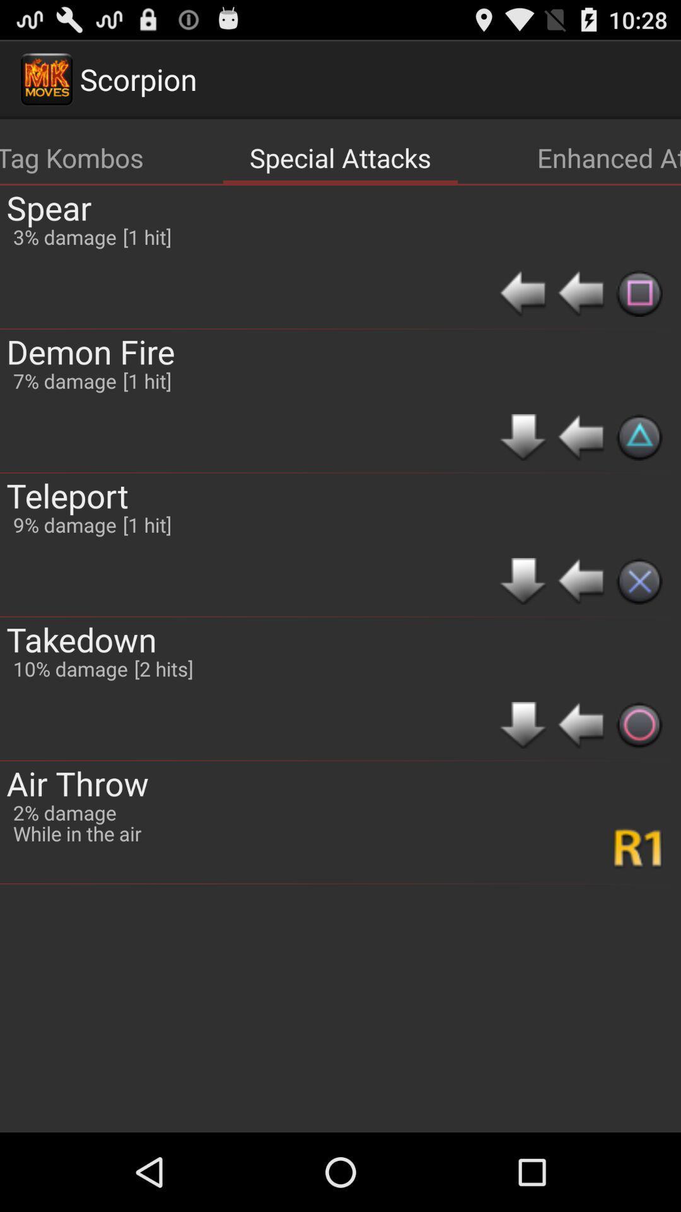 The image size is (681, 1212). I want to click on app above the takedown app, so click(67, 494).